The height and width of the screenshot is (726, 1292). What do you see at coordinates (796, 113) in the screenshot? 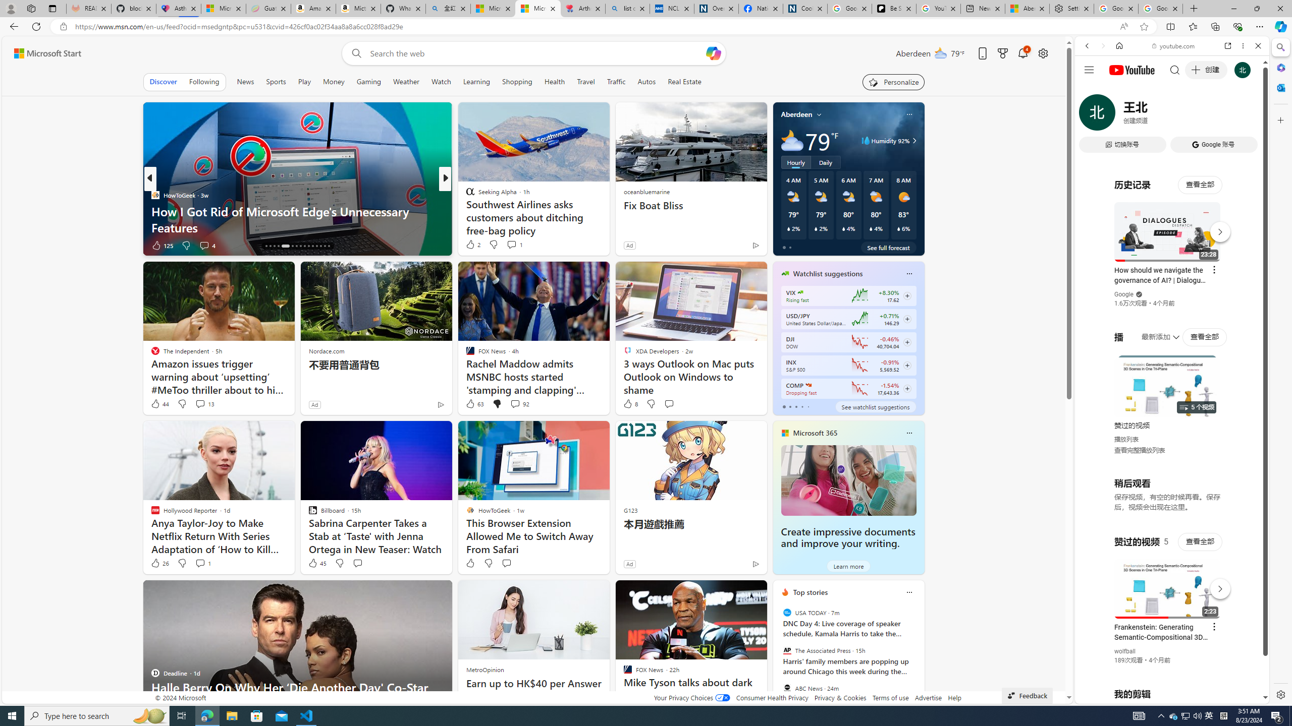
I see `'Aberdeen'` at bounding box center [796, 113].